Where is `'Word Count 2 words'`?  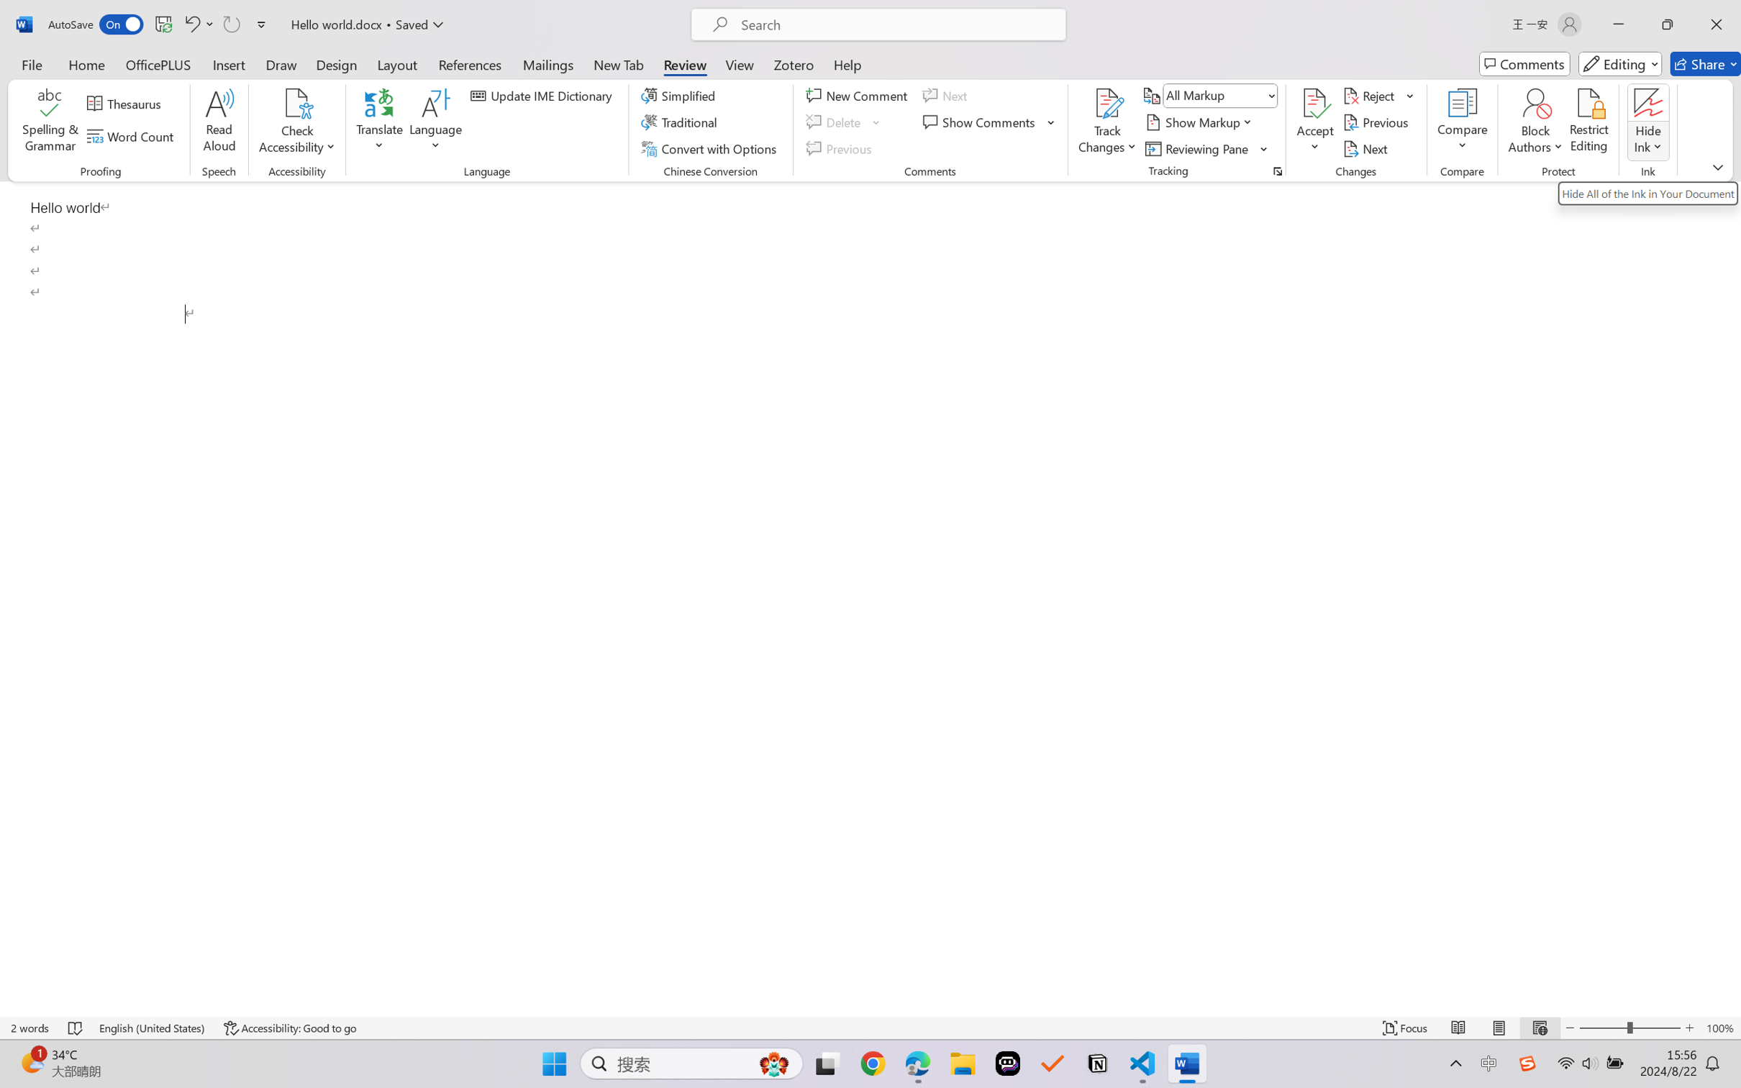
'Word Count 2 words' is located at coordinates (30, 1028).